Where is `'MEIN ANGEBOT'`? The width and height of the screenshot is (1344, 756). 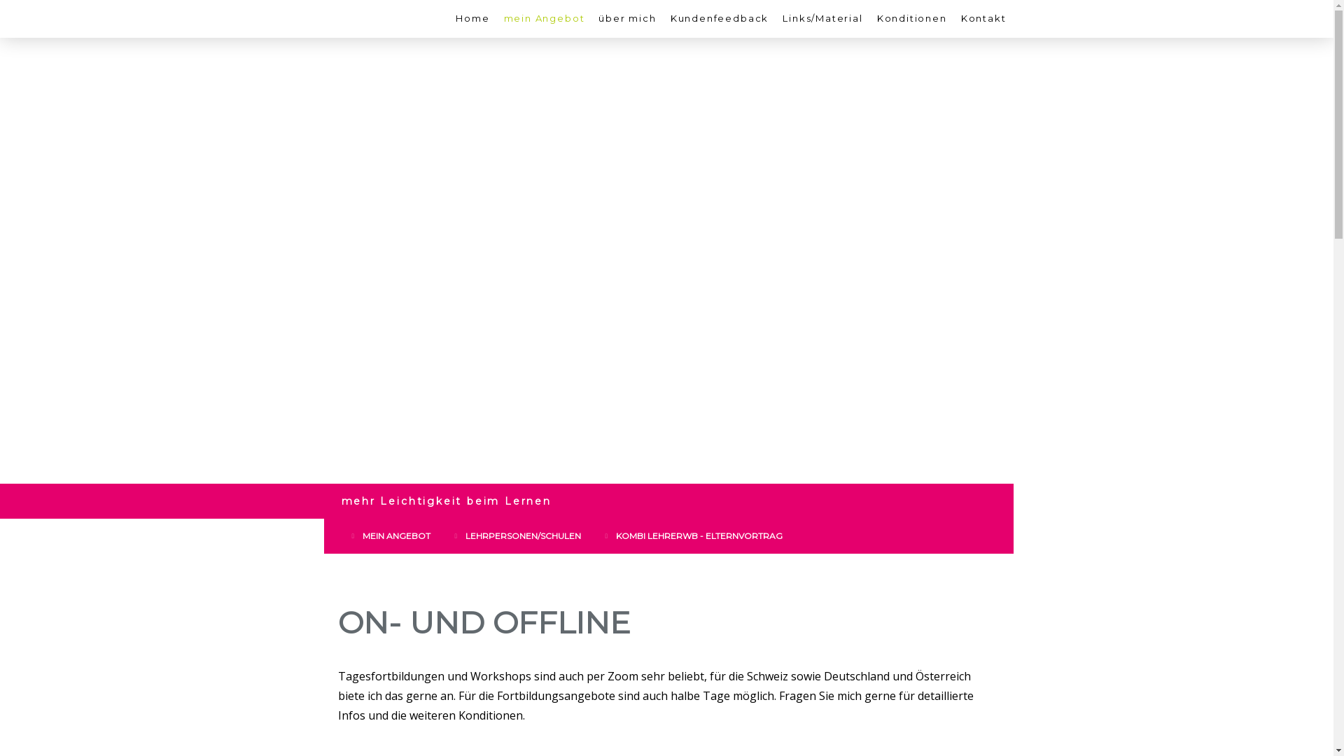
'MEIN ANGEBOT' is located at coordinates (392, 535).